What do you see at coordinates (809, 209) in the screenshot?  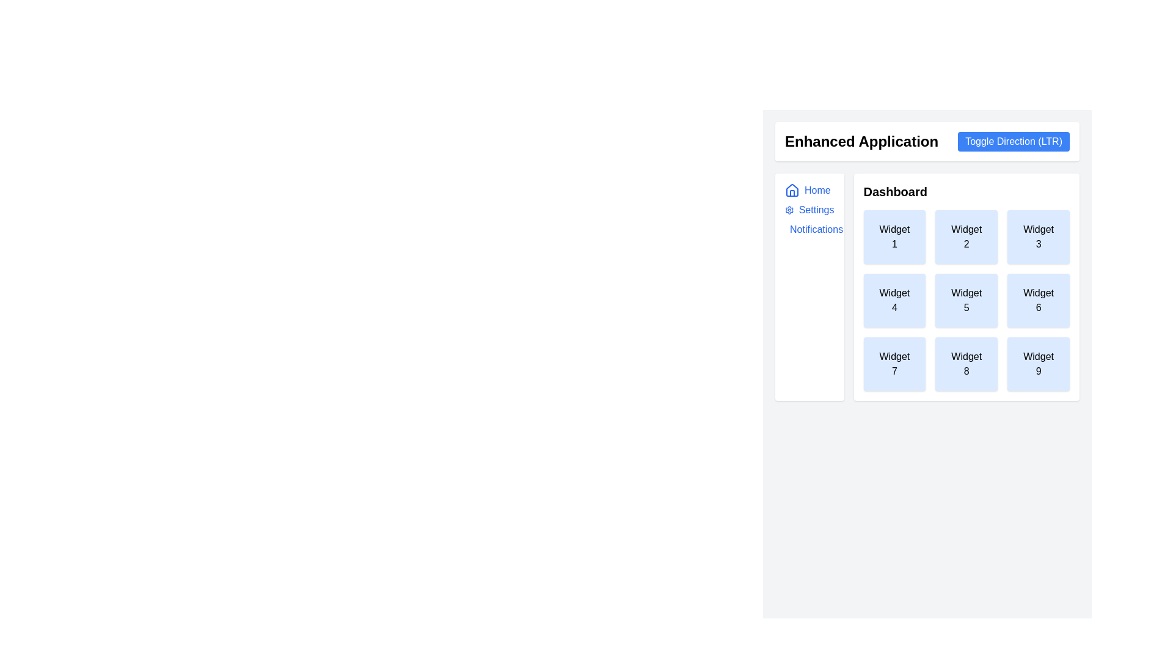 I see `the 'Settings' navigation link in the sidebar menu, which is the second option below 'Home' and above 'Notifications', featuring a blue text with a gear icon` at bounding box center [809, 209].